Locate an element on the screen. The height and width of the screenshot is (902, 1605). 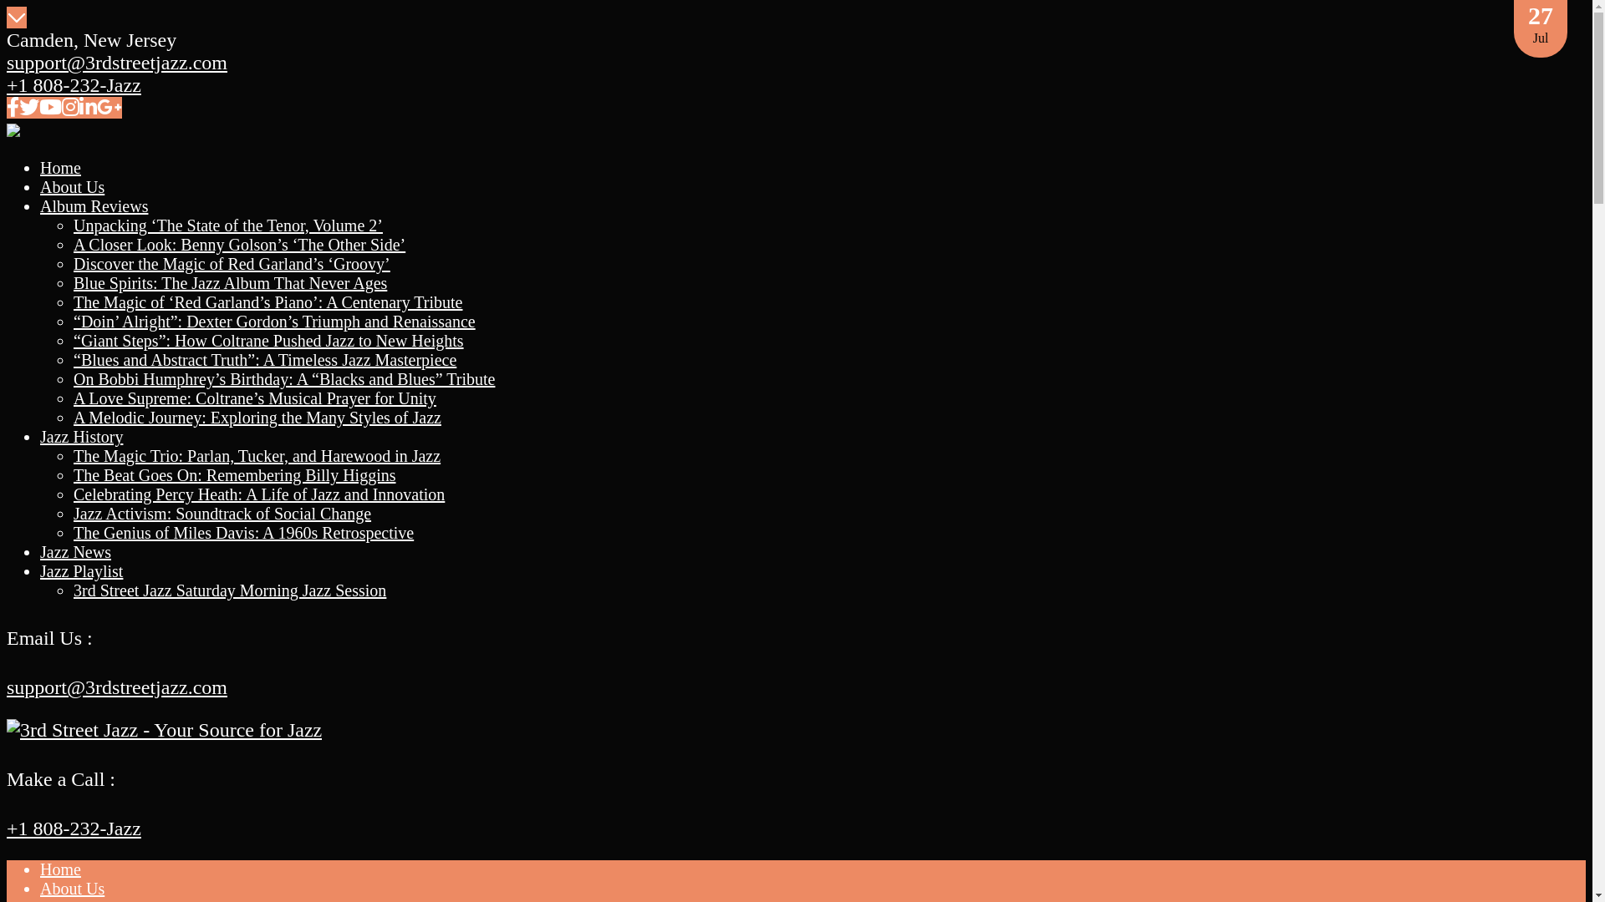
'linkedin-in' is located at coordinates (79, 107).